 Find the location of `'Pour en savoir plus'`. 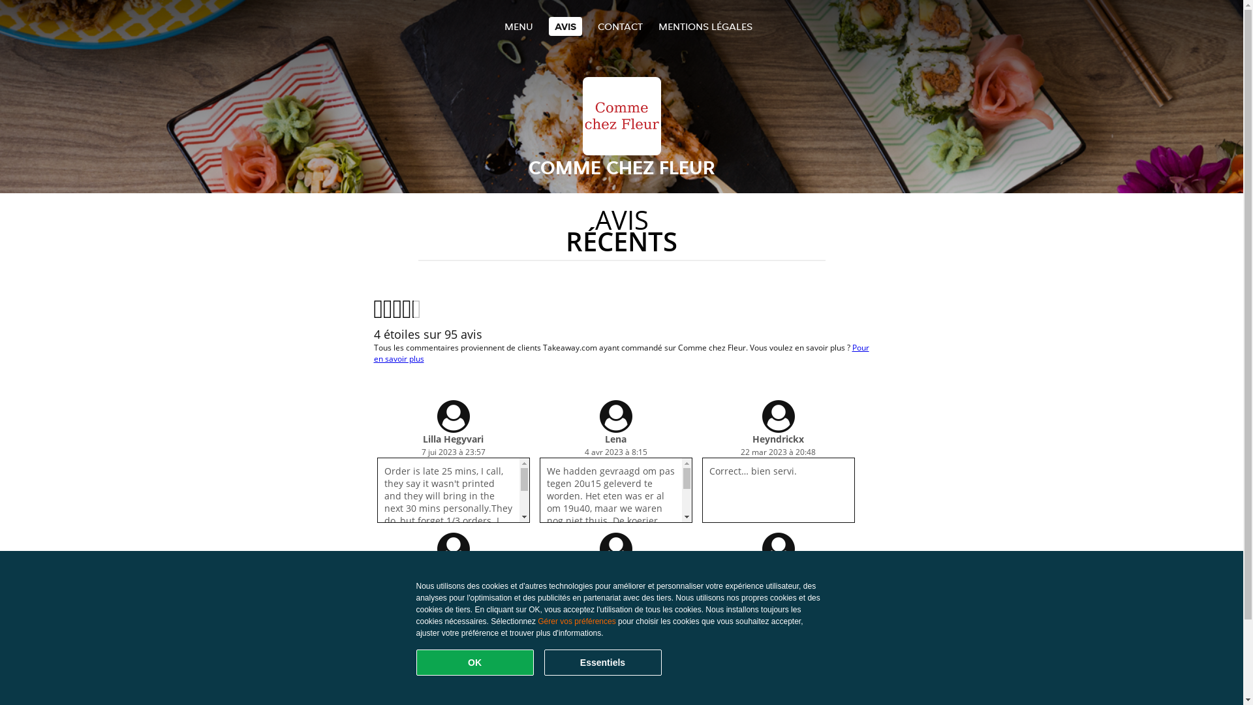

'Pour en savoir plus' is located at coordinates (620, 352).